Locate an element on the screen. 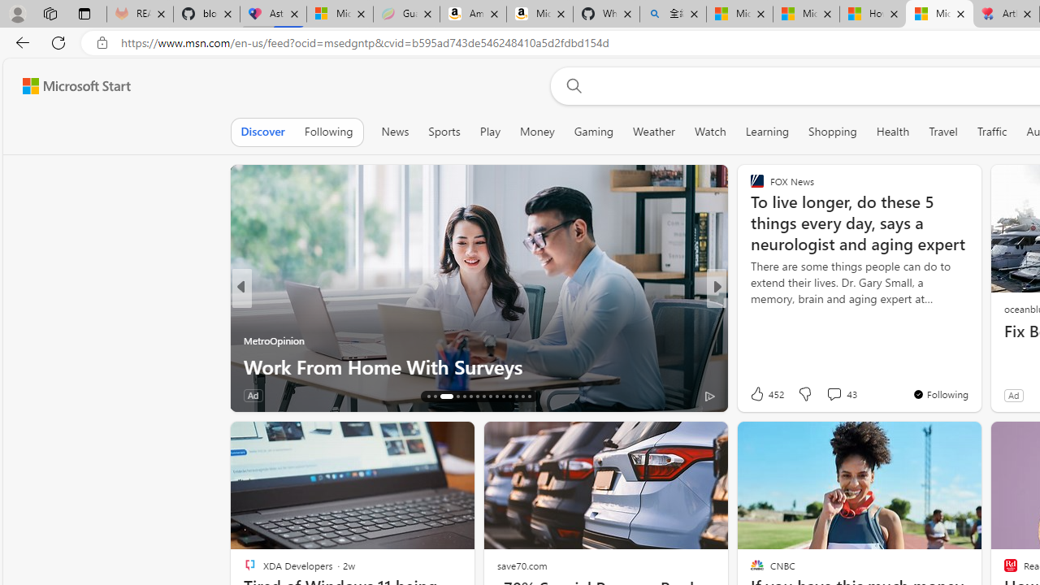  'View comments 7 Comment' is located at coordinates (834, 395).